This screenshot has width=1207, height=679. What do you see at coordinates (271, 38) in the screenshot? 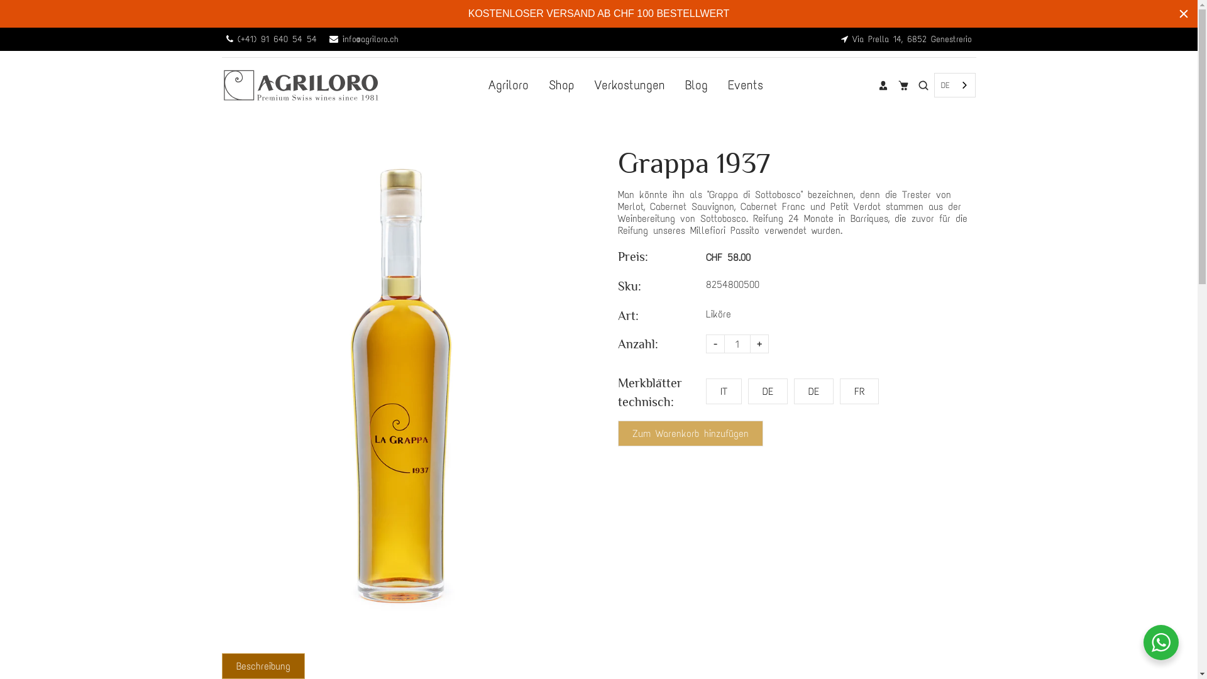
I see `'(+41) 91 640 54 54'` at bounding box center [271, 38].